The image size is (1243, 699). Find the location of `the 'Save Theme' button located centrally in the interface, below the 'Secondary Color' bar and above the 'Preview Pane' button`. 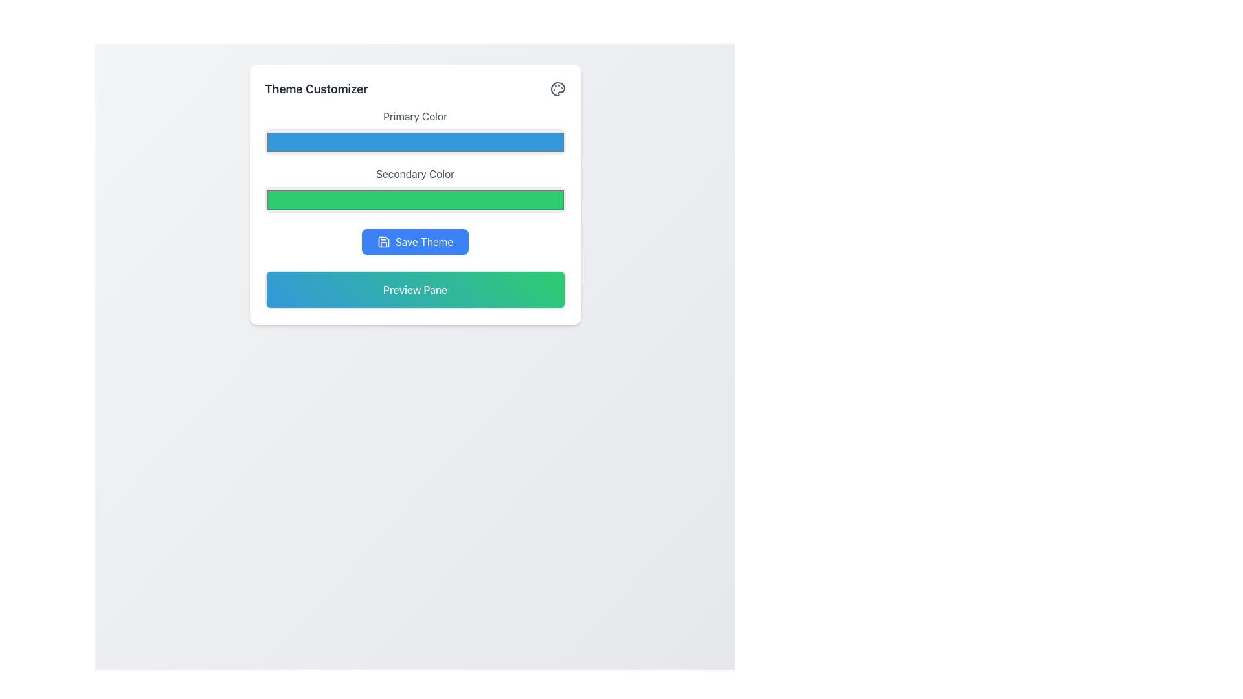

the 'Save Theme' button located centrally in the interface, below the 'Secondary Color' bar and above the 'Preview Pane' button is located at coordinates (415, 242).